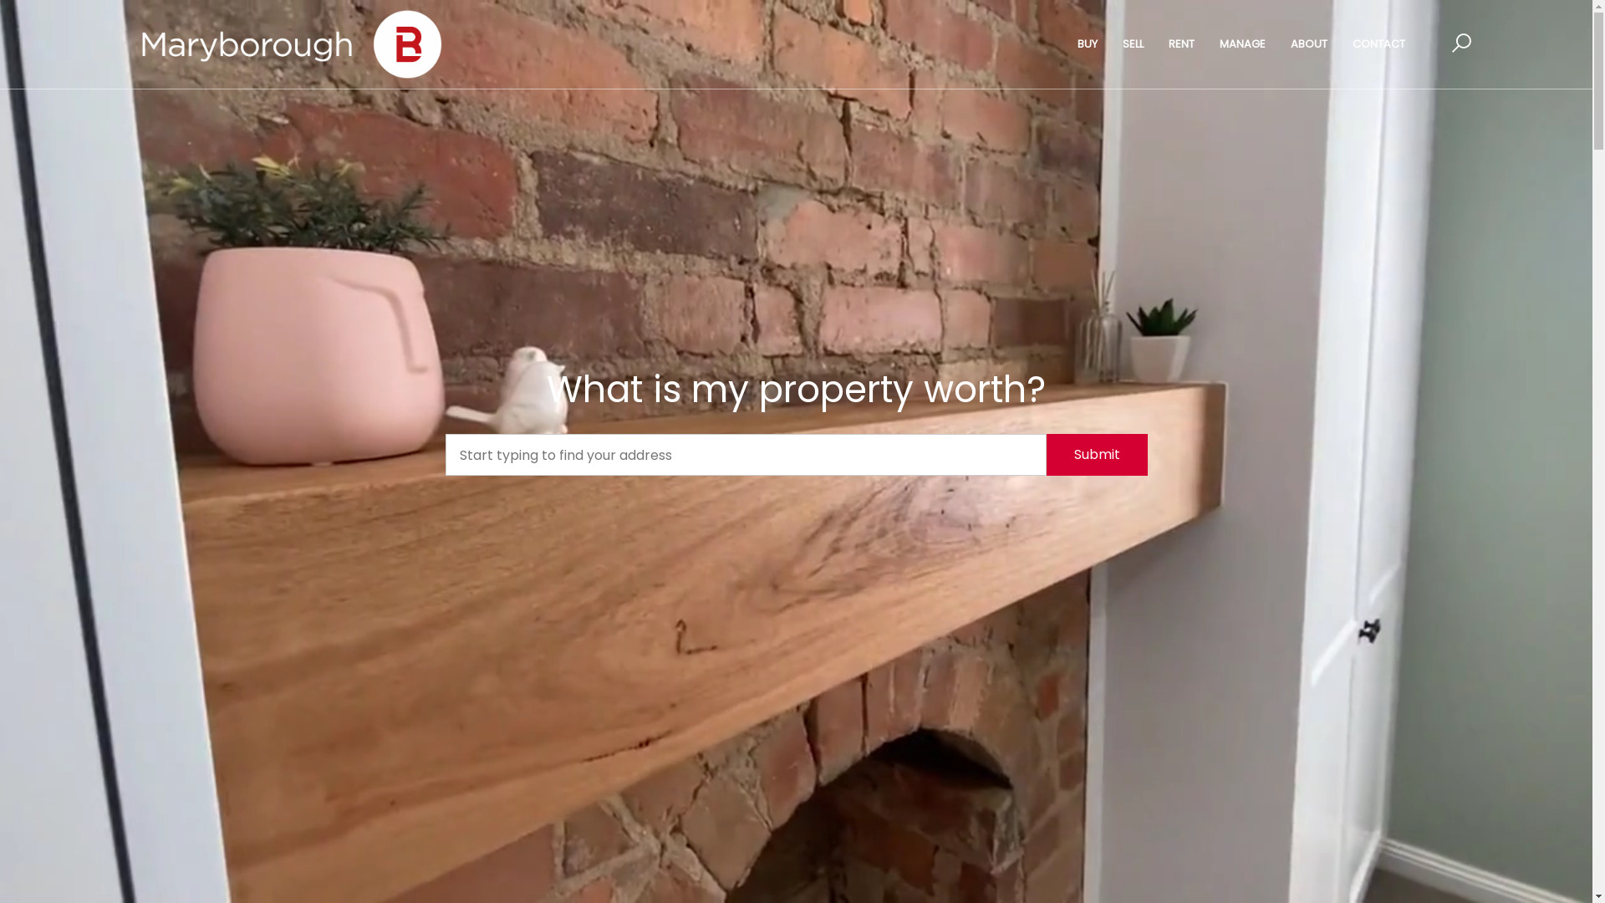  What do you see at coordinates (1097, 454) in the screenshot?
I see `'Submit'` at bounding box center [1097, 454].